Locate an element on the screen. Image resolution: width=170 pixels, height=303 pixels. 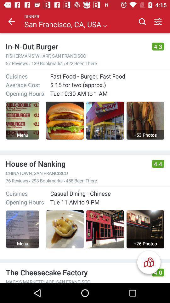
item next to 76 reviews icon is located at coordinates (29, 181).